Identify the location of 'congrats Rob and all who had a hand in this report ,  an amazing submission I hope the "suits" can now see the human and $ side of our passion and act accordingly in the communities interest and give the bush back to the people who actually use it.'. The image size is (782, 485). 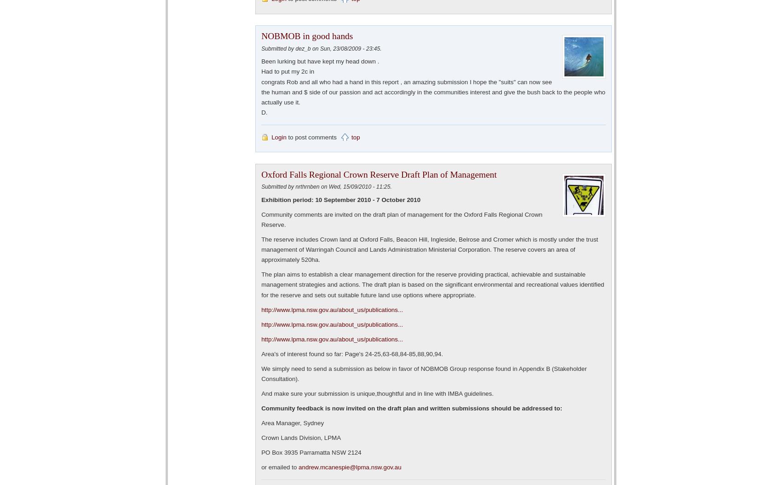
(433, 91).